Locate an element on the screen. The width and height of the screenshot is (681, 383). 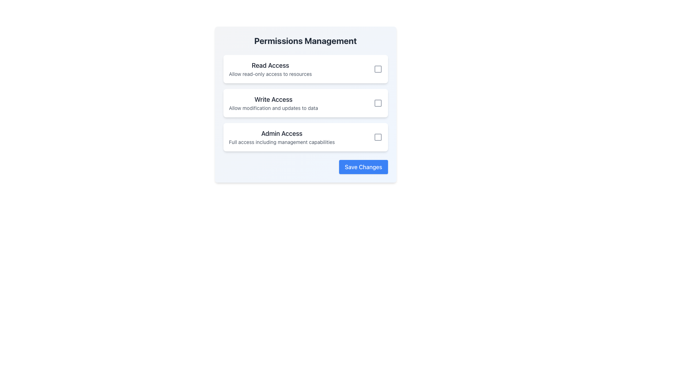
text block labeled 'Allow read-only access to resources', which is styled in a smaller gray font and positioned directly below the heading 'Read Access' is located at coordinates (270, 74).